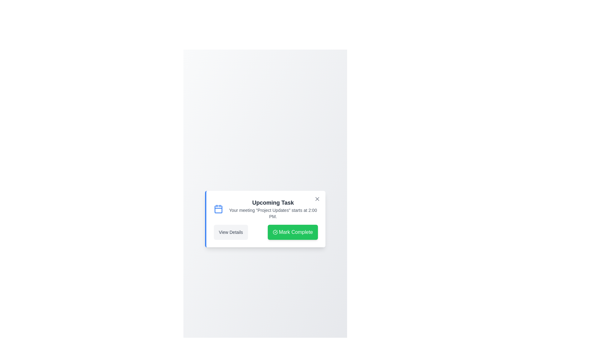  What do you see at coordinates (218, 209) in the screenshot?
I see `the calendar icon to inspect it` at bounding box center [218, 209].